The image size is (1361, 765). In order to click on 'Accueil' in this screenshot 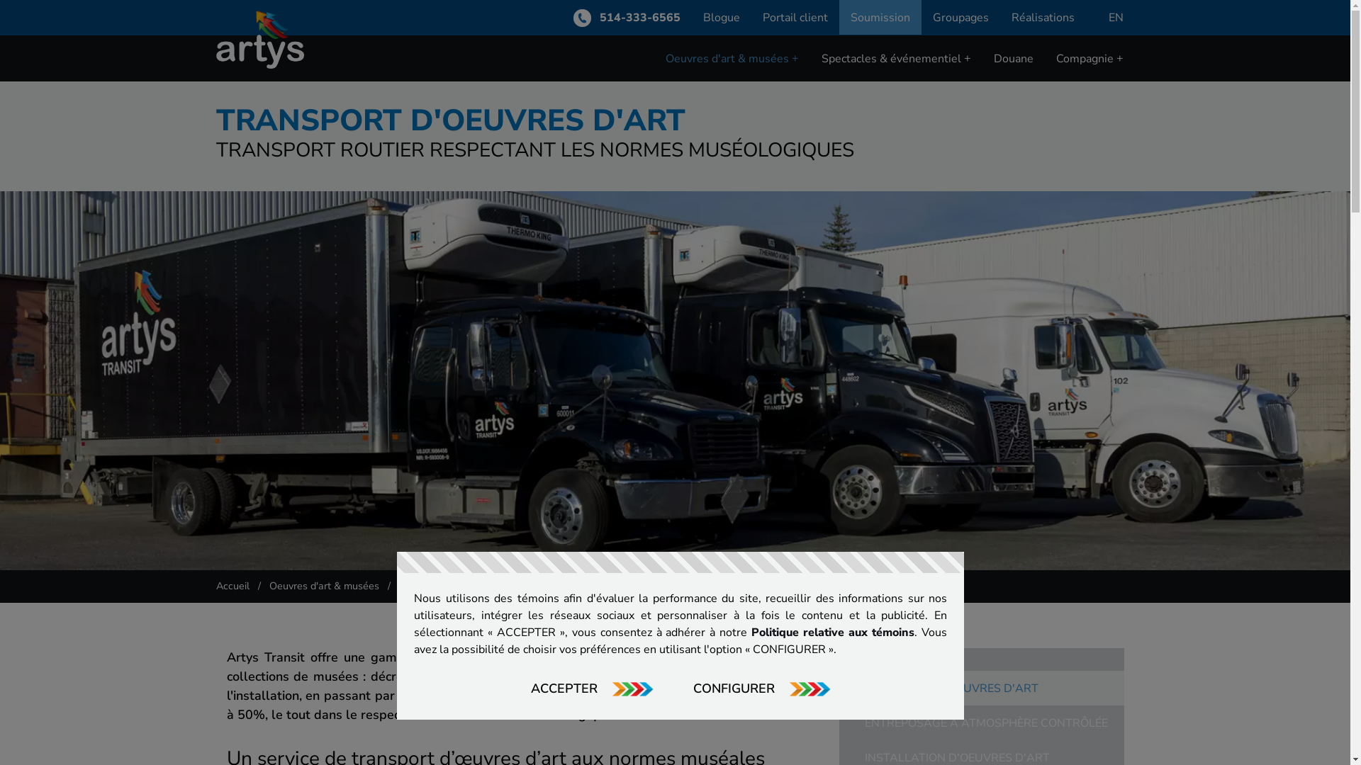, I will do `click(232, 585)`.